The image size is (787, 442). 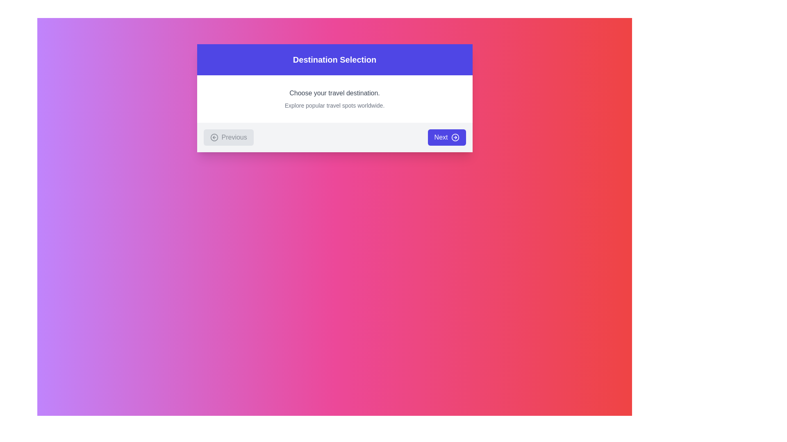 What do you see at coordinates (214, 137) in the screenshot?
I see `the appearance of the circular icon with a leftwards-pointing arrow, located to the left of the 'Previous' button in the bottom-left corner of the modal dialog` at bounding box center [214, 137].